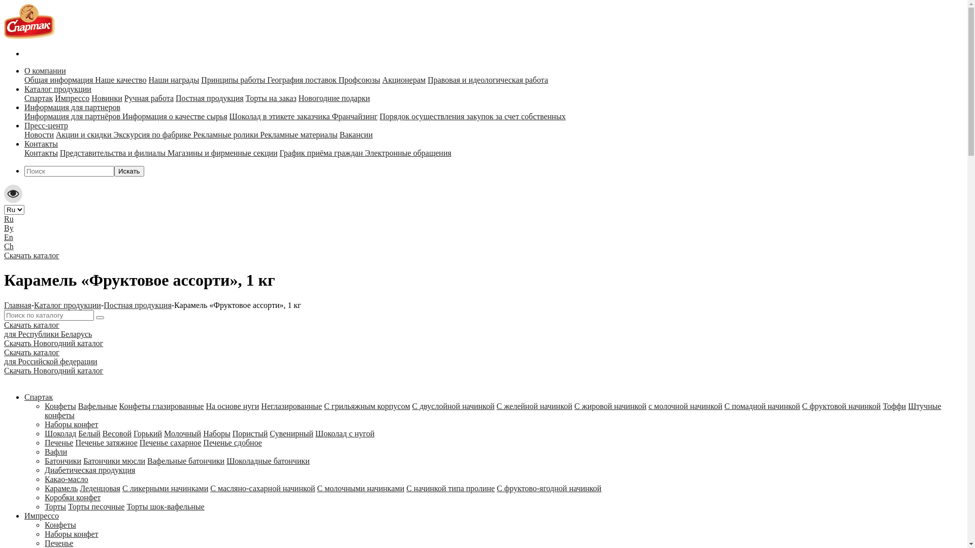  What do you see at coordinates (4, 246) in the screenshot?
I see `'Ch'` at bounding box center [4, 246].